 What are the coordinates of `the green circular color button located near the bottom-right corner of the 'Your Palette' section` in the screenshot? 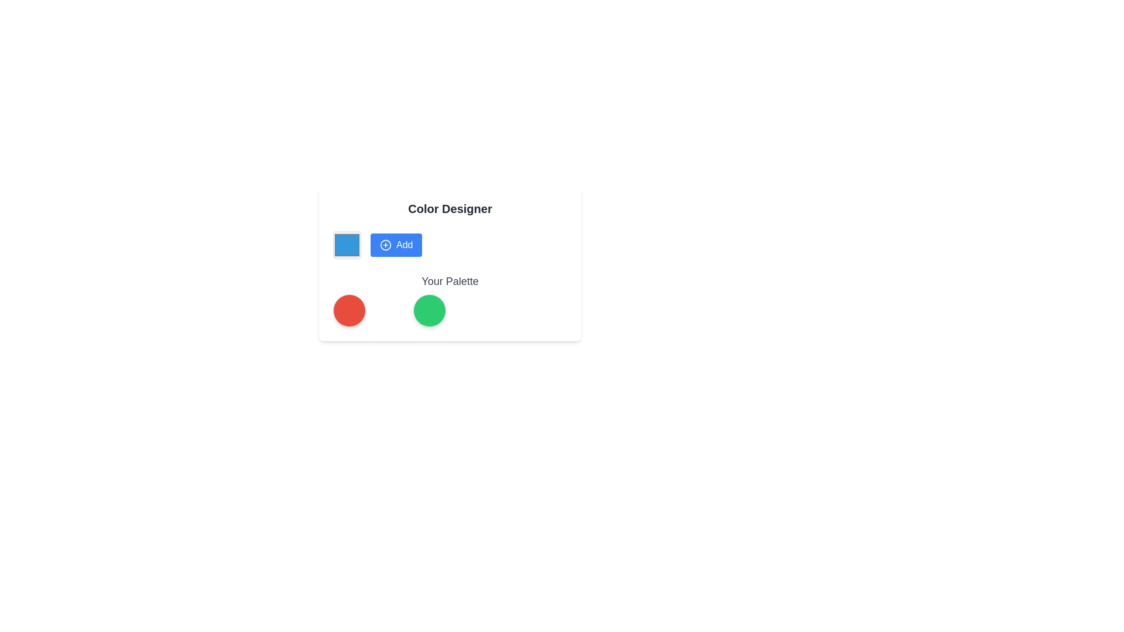 It's located at (429, 310).